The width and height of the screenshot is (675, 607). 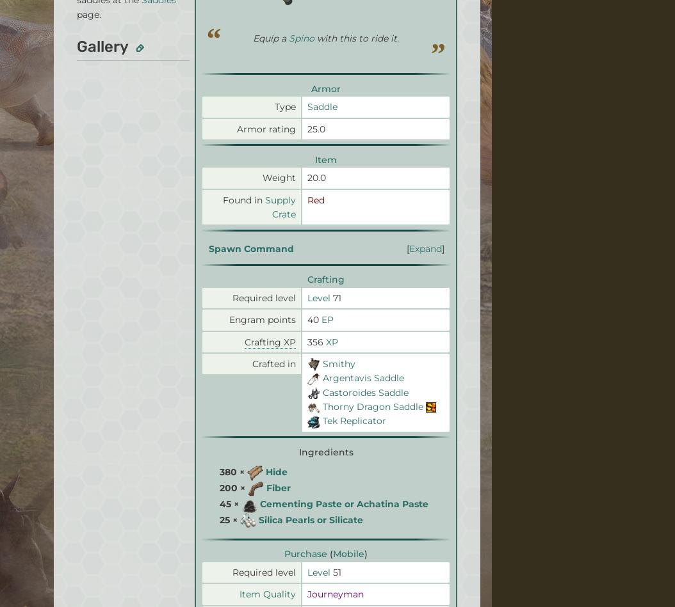 I want to click on 'Media Kit', so click(x=53, y=430).